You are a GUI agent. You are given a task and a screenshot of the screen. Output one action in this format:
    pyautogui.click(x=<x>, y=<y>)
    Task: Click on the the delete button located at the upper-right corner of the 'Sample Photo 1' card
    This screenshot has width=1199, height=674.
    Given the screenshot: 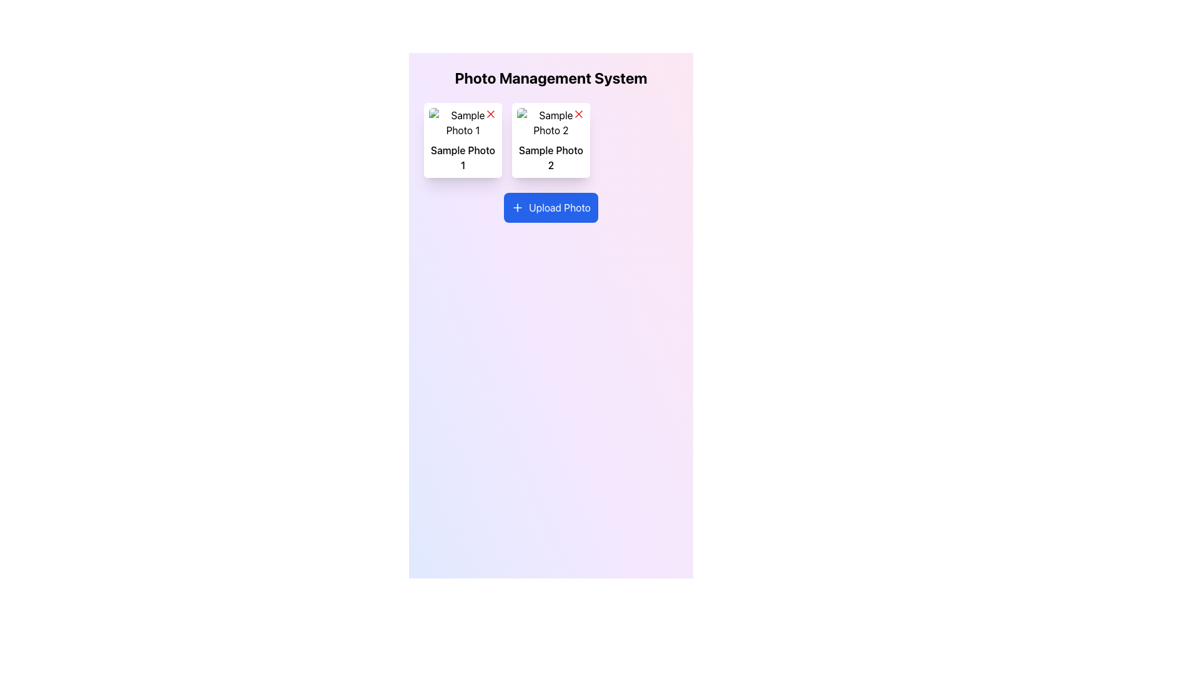 What is the action you would take?
    pyautogui.click(x=490, y=114)
    